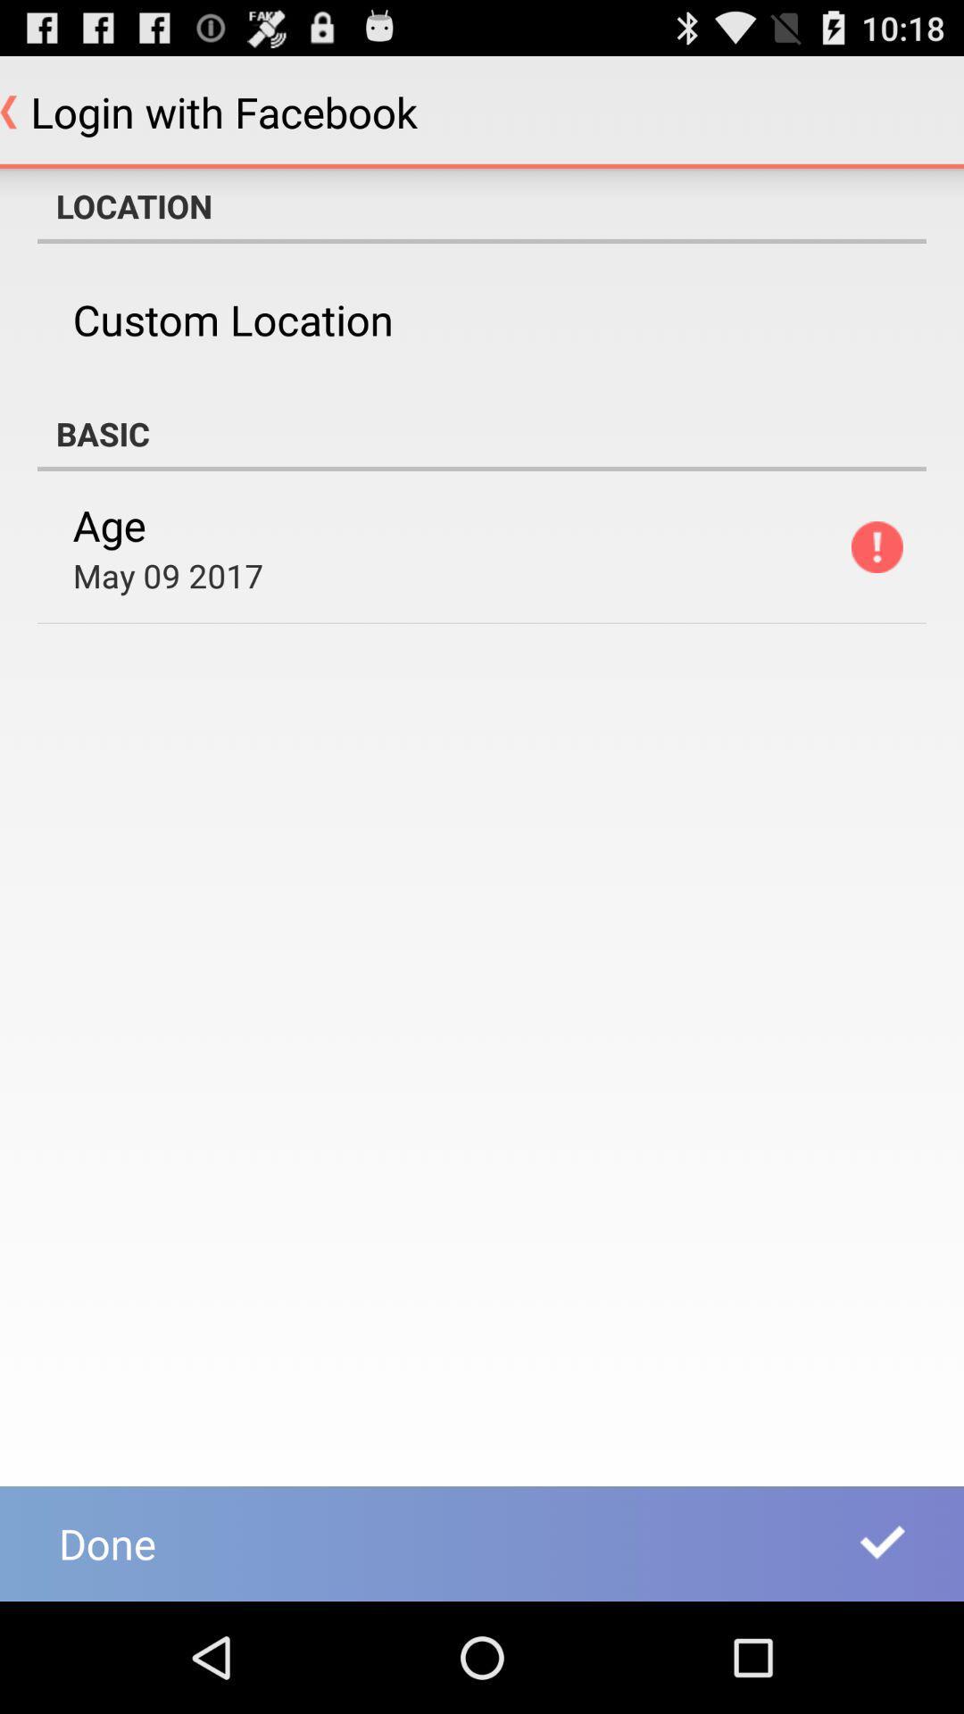 This screenshot has width=964, height=1714. I want to click on the age, so click(109, 524).